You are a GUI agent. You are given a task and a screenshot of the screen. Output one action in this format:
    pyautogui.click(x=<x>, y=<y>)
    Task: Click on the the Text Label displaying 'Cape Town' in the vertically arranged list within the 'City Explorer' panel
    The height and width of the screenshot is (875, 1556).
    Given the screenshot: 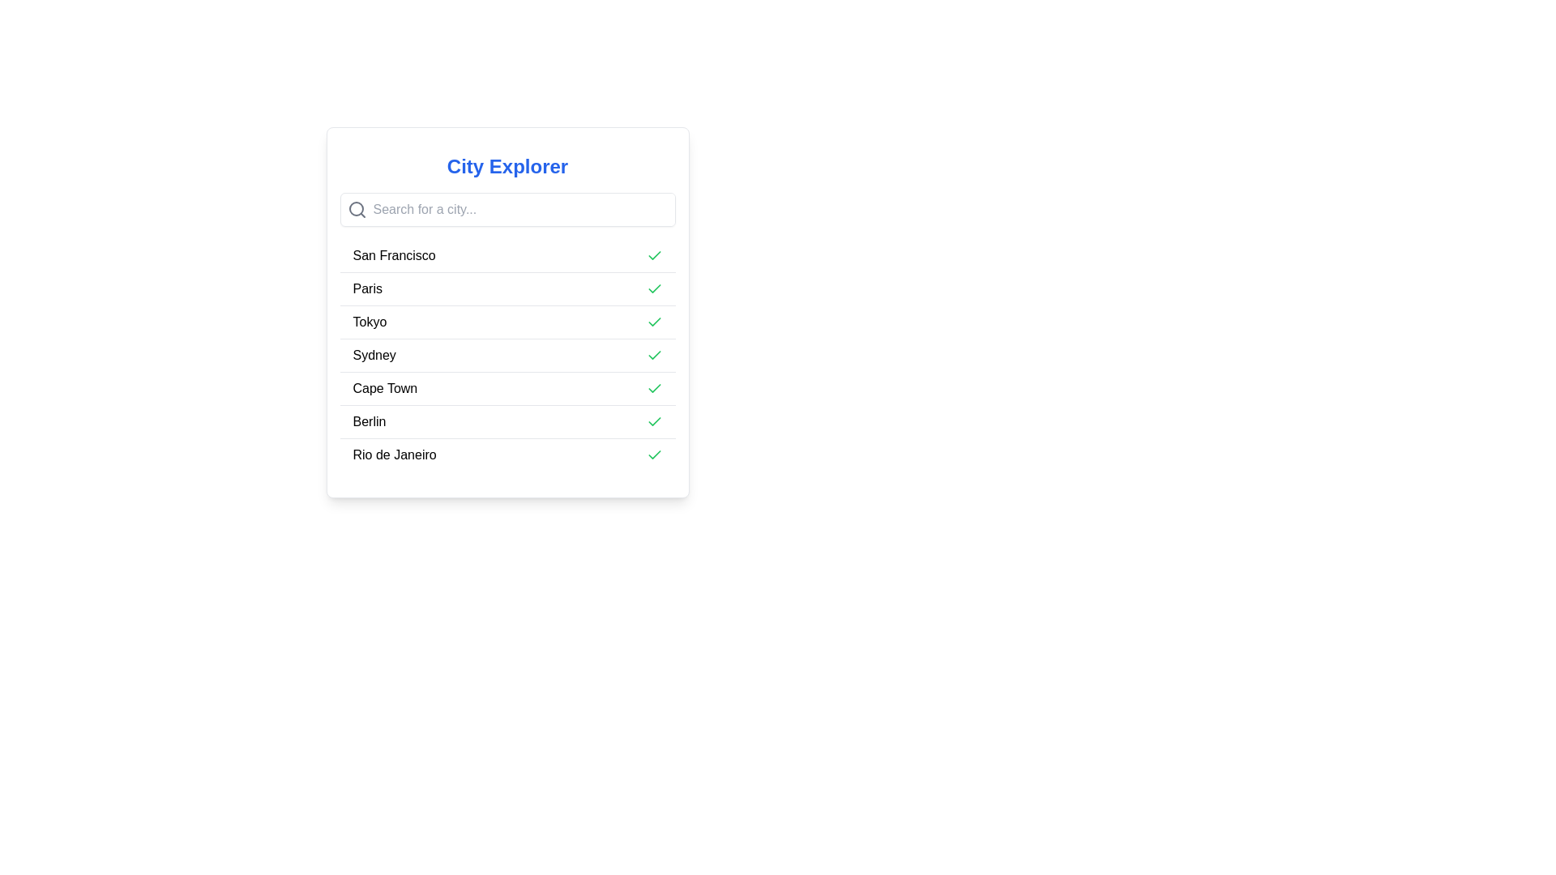 What is the action you would take?
    pyautogui.click(x=384, y=388)
    